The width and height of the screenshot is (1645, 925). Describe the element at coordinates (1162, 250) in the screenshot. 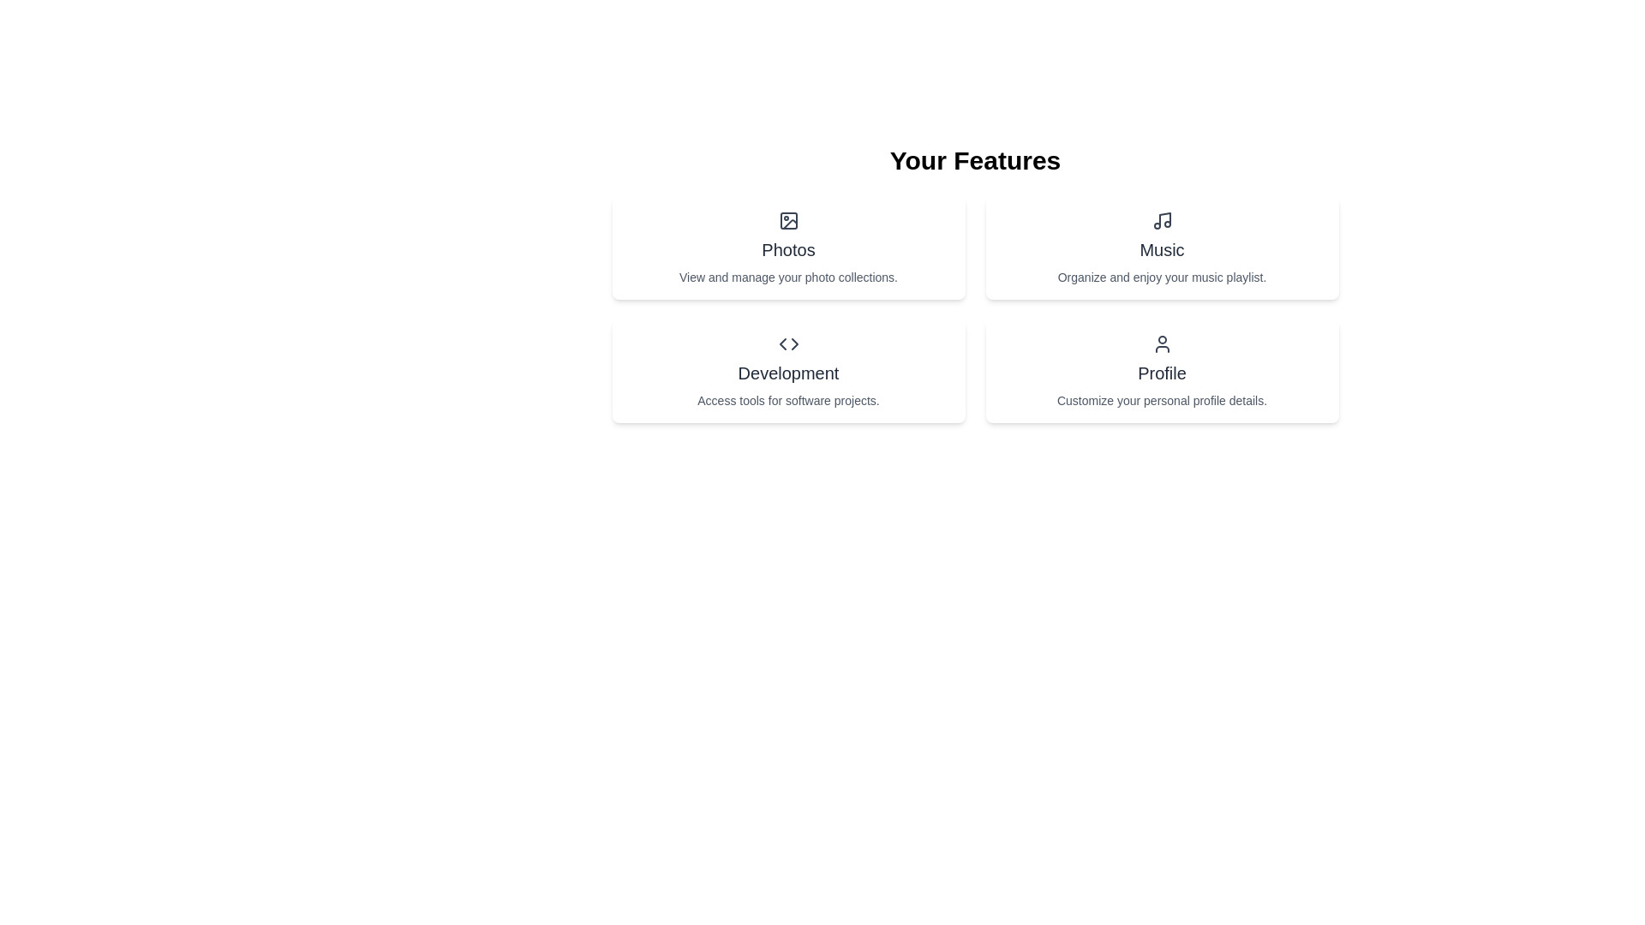

I see `'Music' label element, which is a prominent text label styled in a larger font, located in the top-right card of a 2x2 grid layout` at that location.